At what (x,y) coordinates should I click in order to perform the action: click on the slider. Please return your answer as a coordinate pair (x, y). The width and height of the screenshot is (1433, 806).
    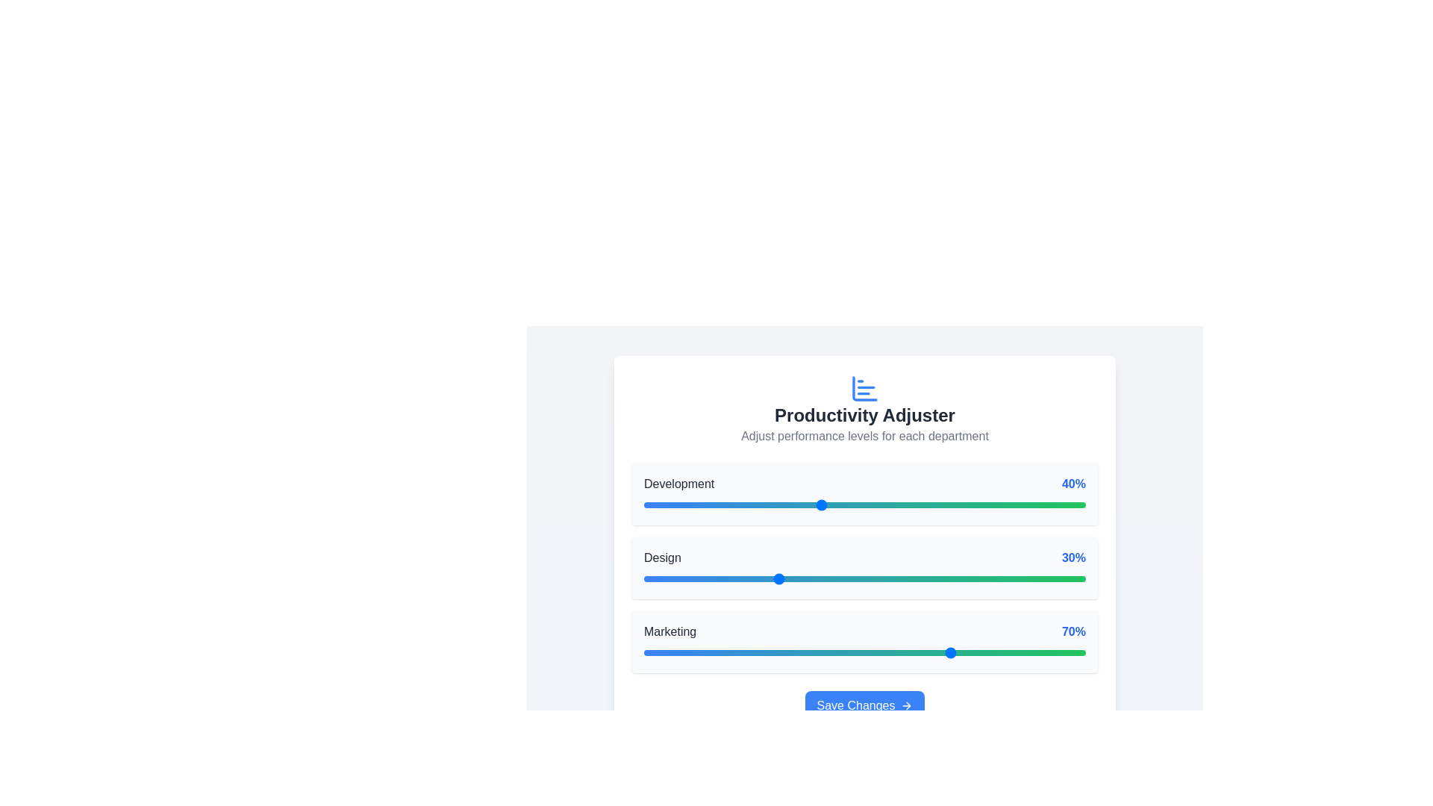
    Looking at the image, I should click on (811, 578).